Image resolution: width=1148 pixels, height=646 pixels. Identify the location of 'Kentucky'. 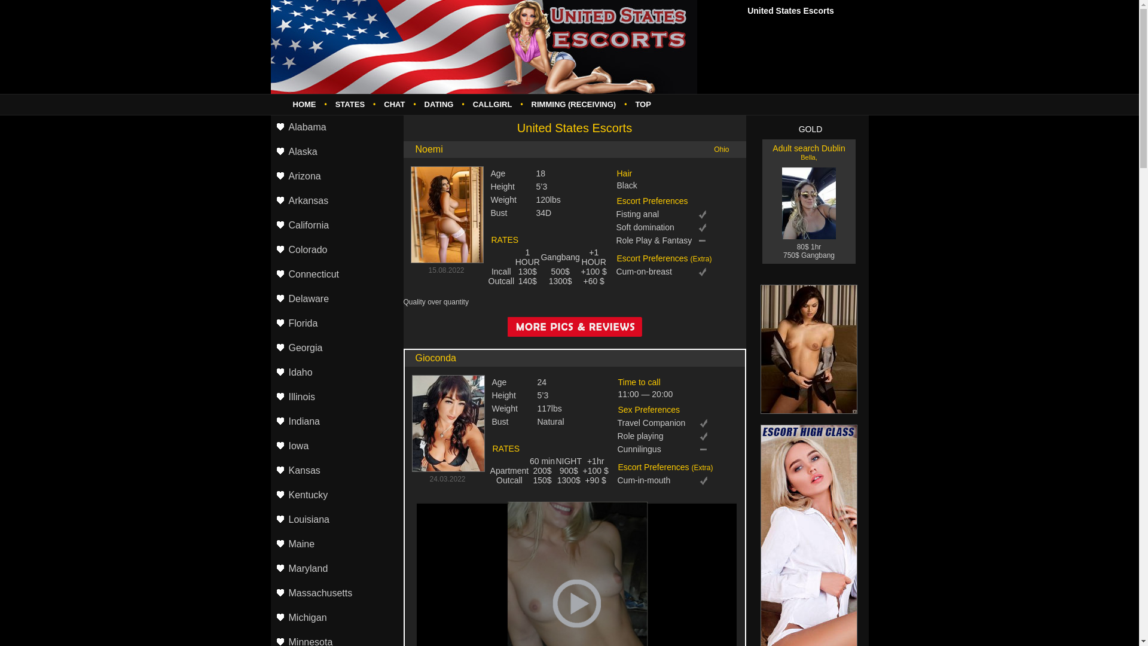
(335, 495).